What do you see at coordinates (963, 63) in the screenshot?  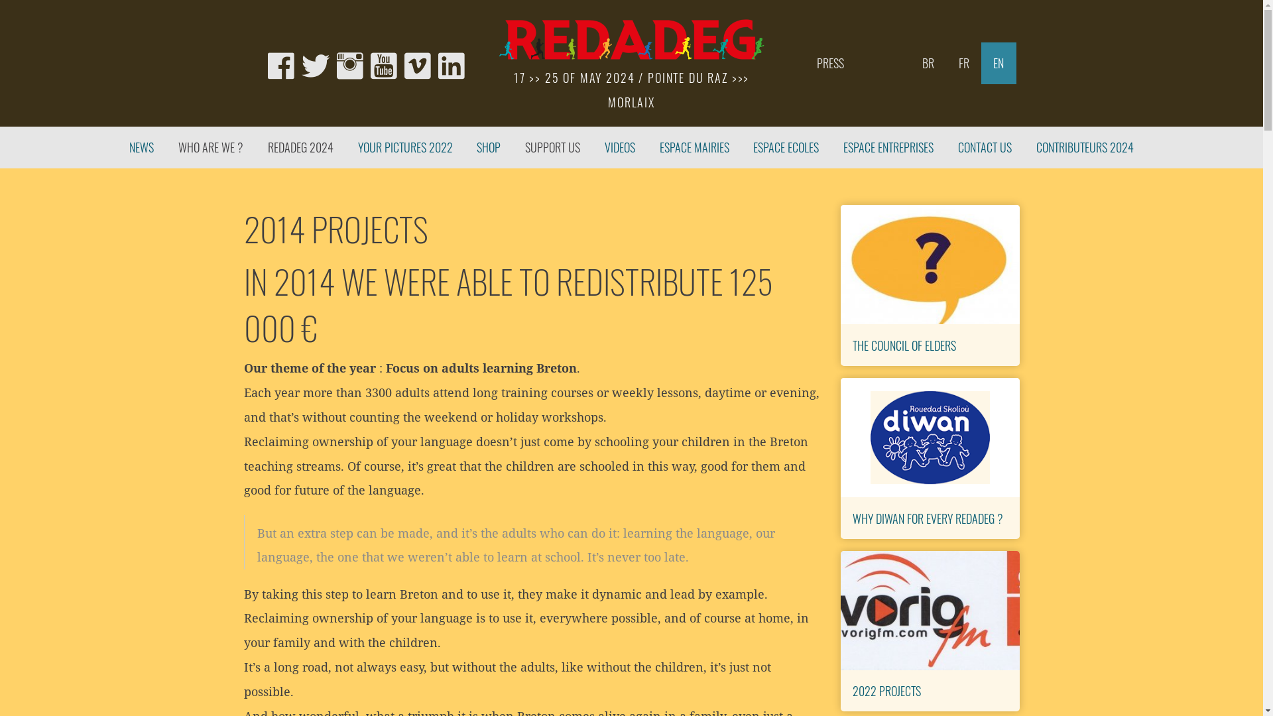 I see `'FR'` at bounding box center [963, 63].